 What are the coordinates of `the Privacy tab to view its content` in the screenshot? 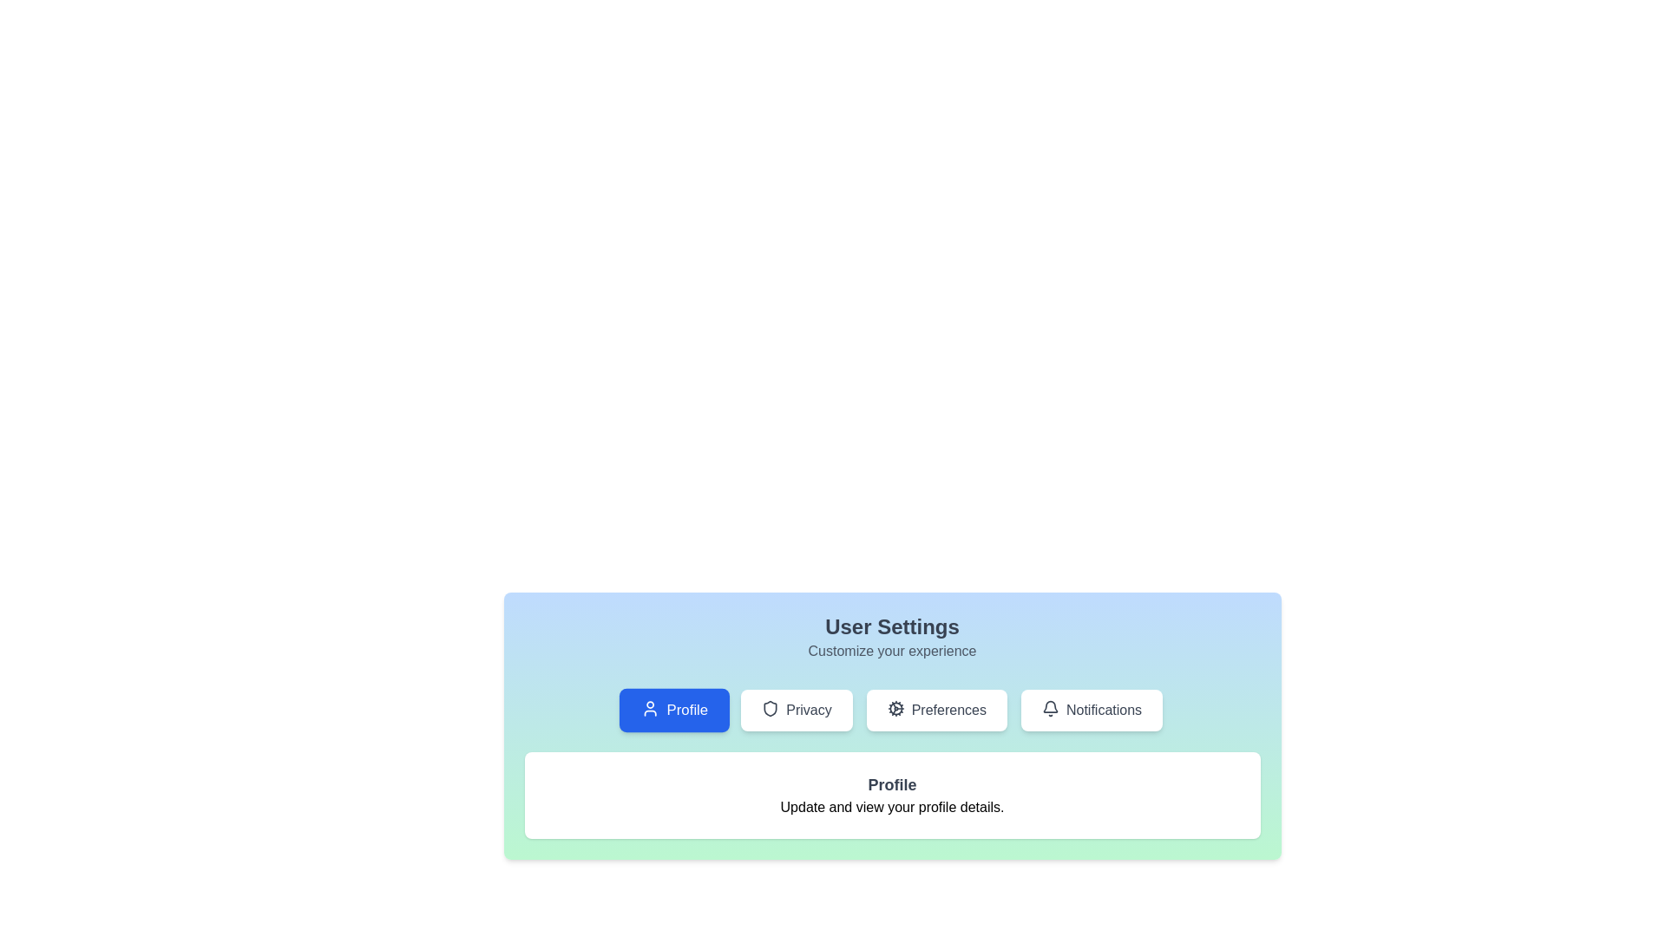 It's located at (796, 710).